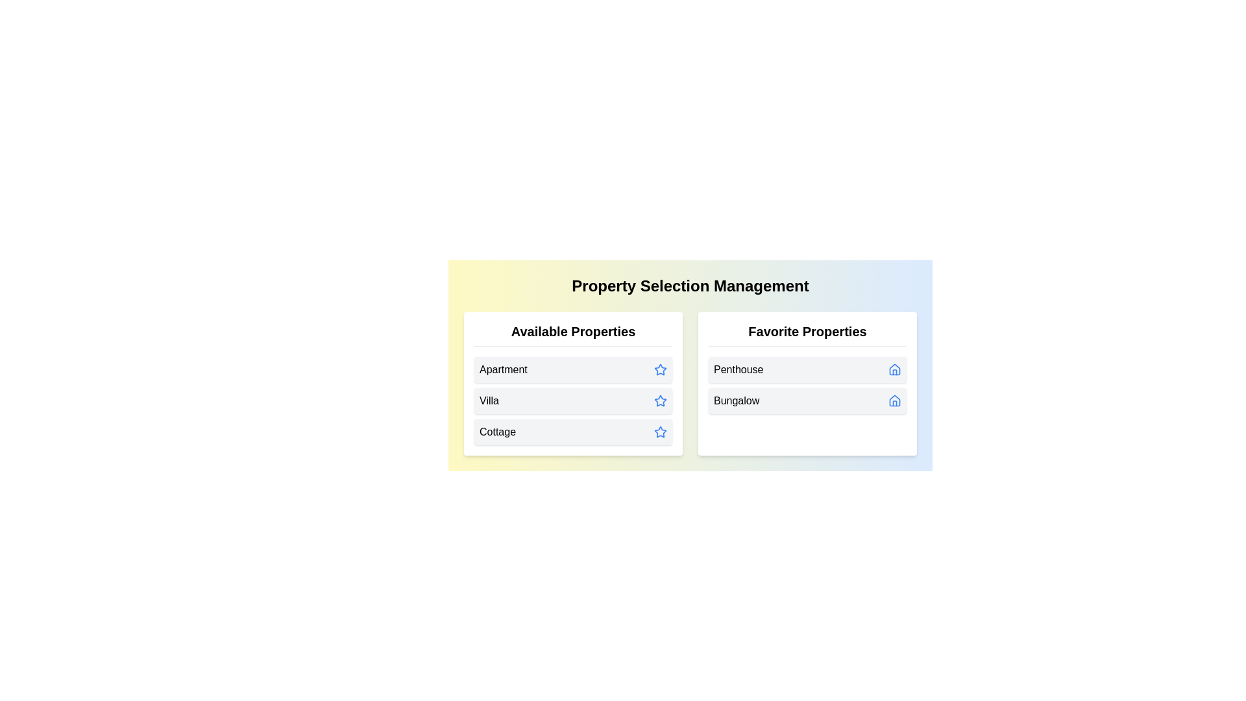 This screenshot has width=1246, height=701. What do you see at coordinates (894, 370) in the screenshot?
I see `the home icon next to the property Penthouse in the 'Favorite Properties' list to transfer it to 'Available Properties'` at bounding box center [894, 370].